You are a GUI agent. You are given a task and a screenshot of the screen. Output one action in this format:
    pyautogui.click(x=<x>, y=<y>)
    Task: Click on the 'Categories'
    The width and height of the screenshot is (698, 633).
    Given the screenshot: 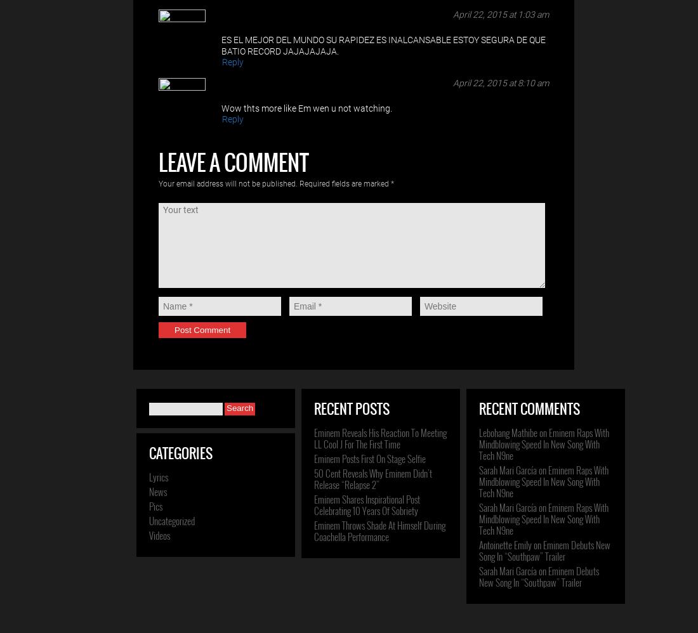 What is the action you would take?
    pyautogui.click(x=180, y=453)
    